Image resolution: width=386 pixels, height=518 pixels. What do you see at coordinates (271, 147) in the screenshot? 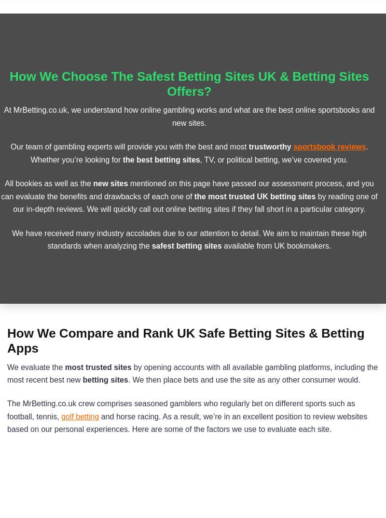
I see `'trustworthy'` at bounding box center [271, 147].